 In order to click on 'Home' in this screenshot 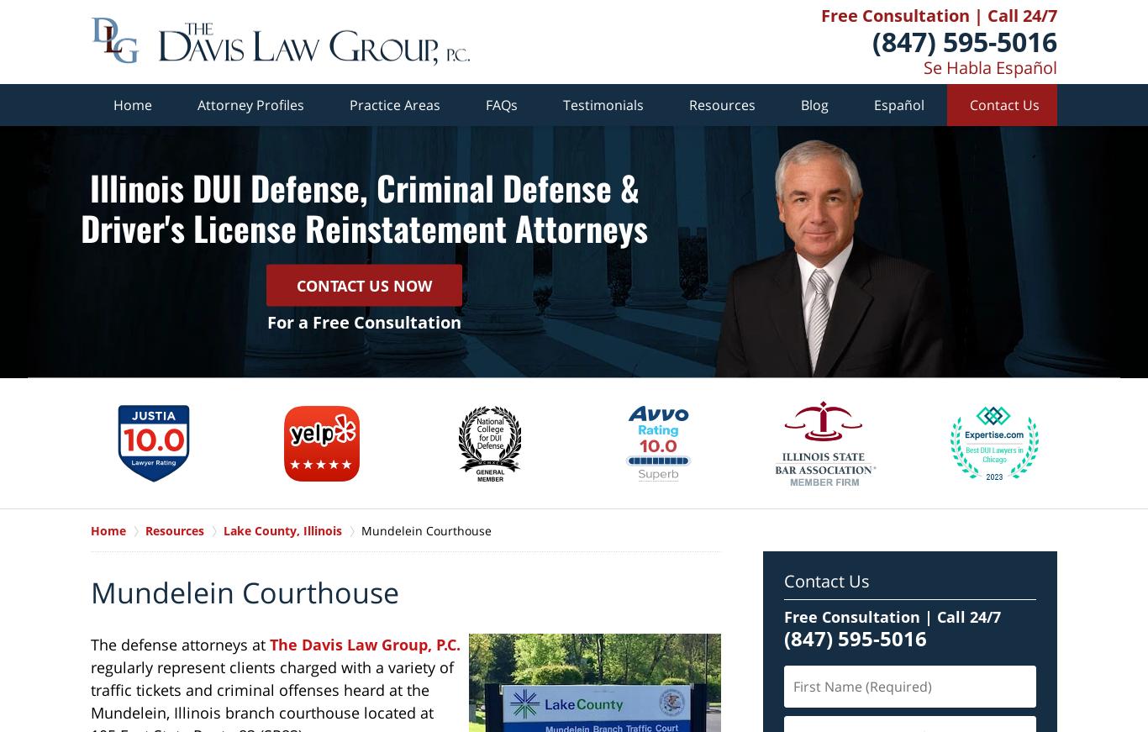, I will do `click(132, 103)`.